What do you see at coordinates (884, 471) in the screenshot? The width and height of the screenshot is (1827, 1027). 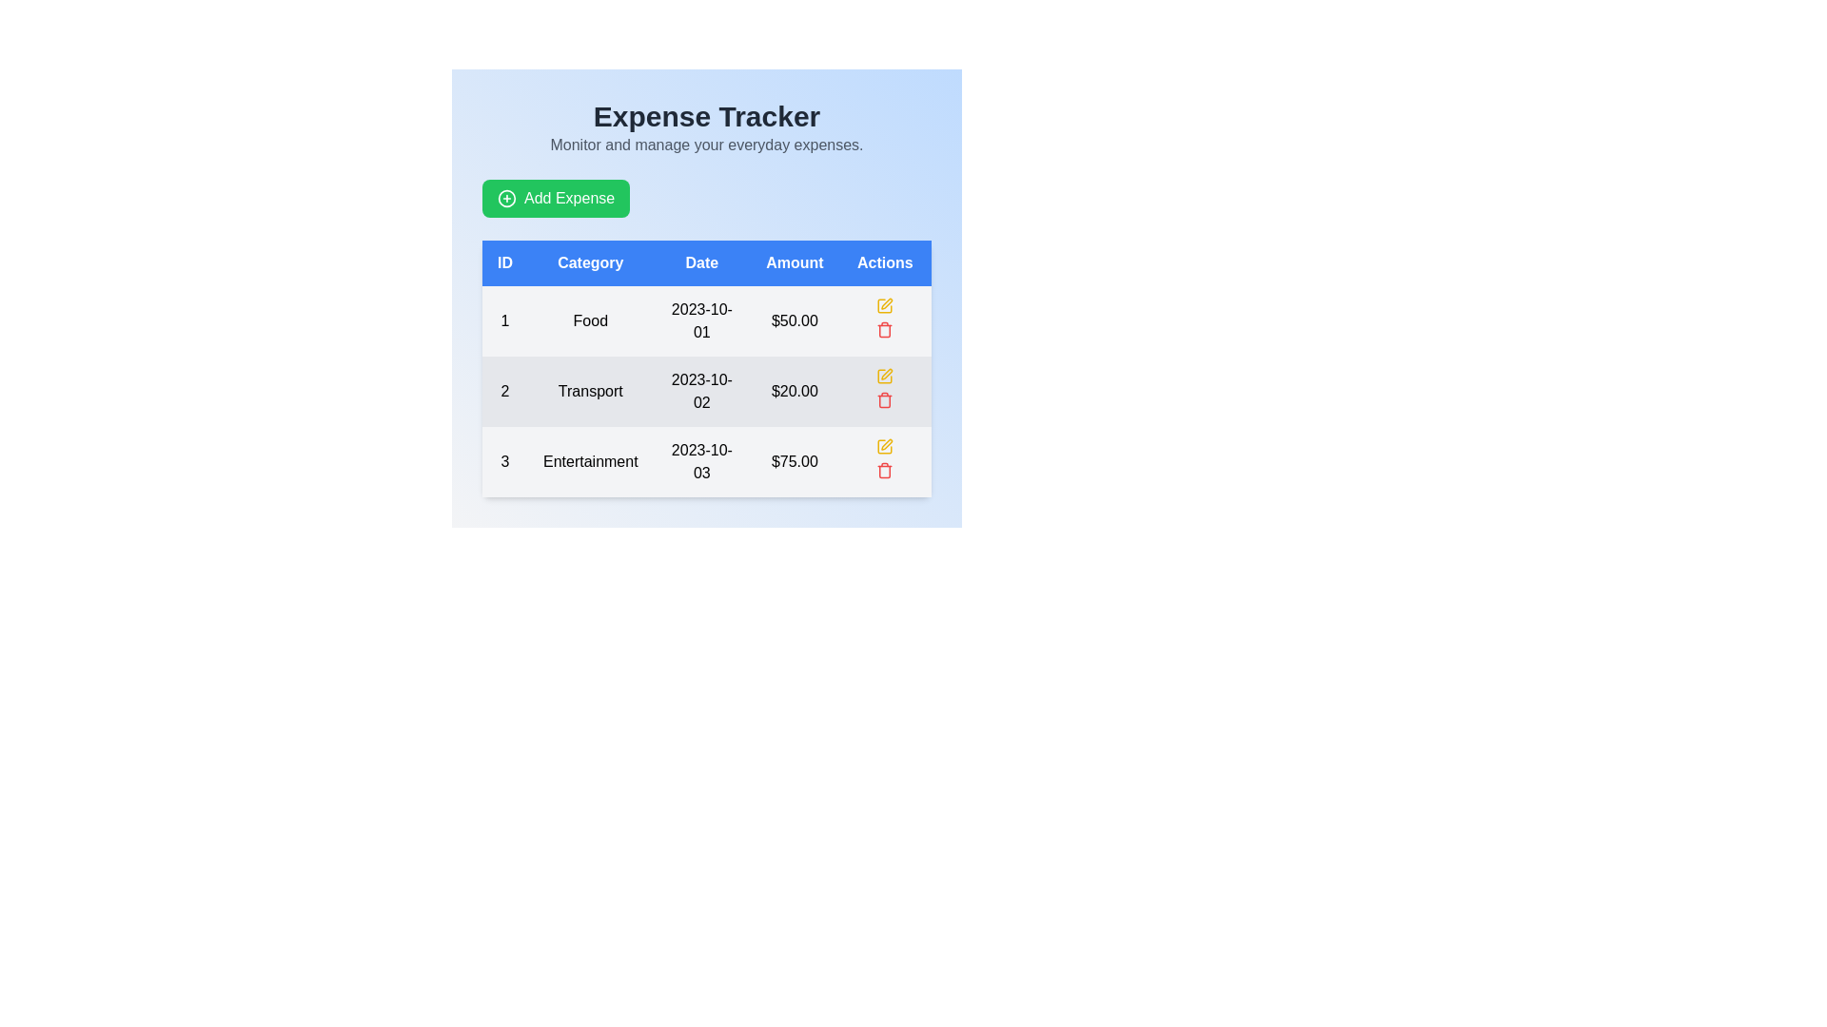 I see `the trash icon located in the third row of the Actions column in the table to initiate an action` at bounding box center [884, 471].